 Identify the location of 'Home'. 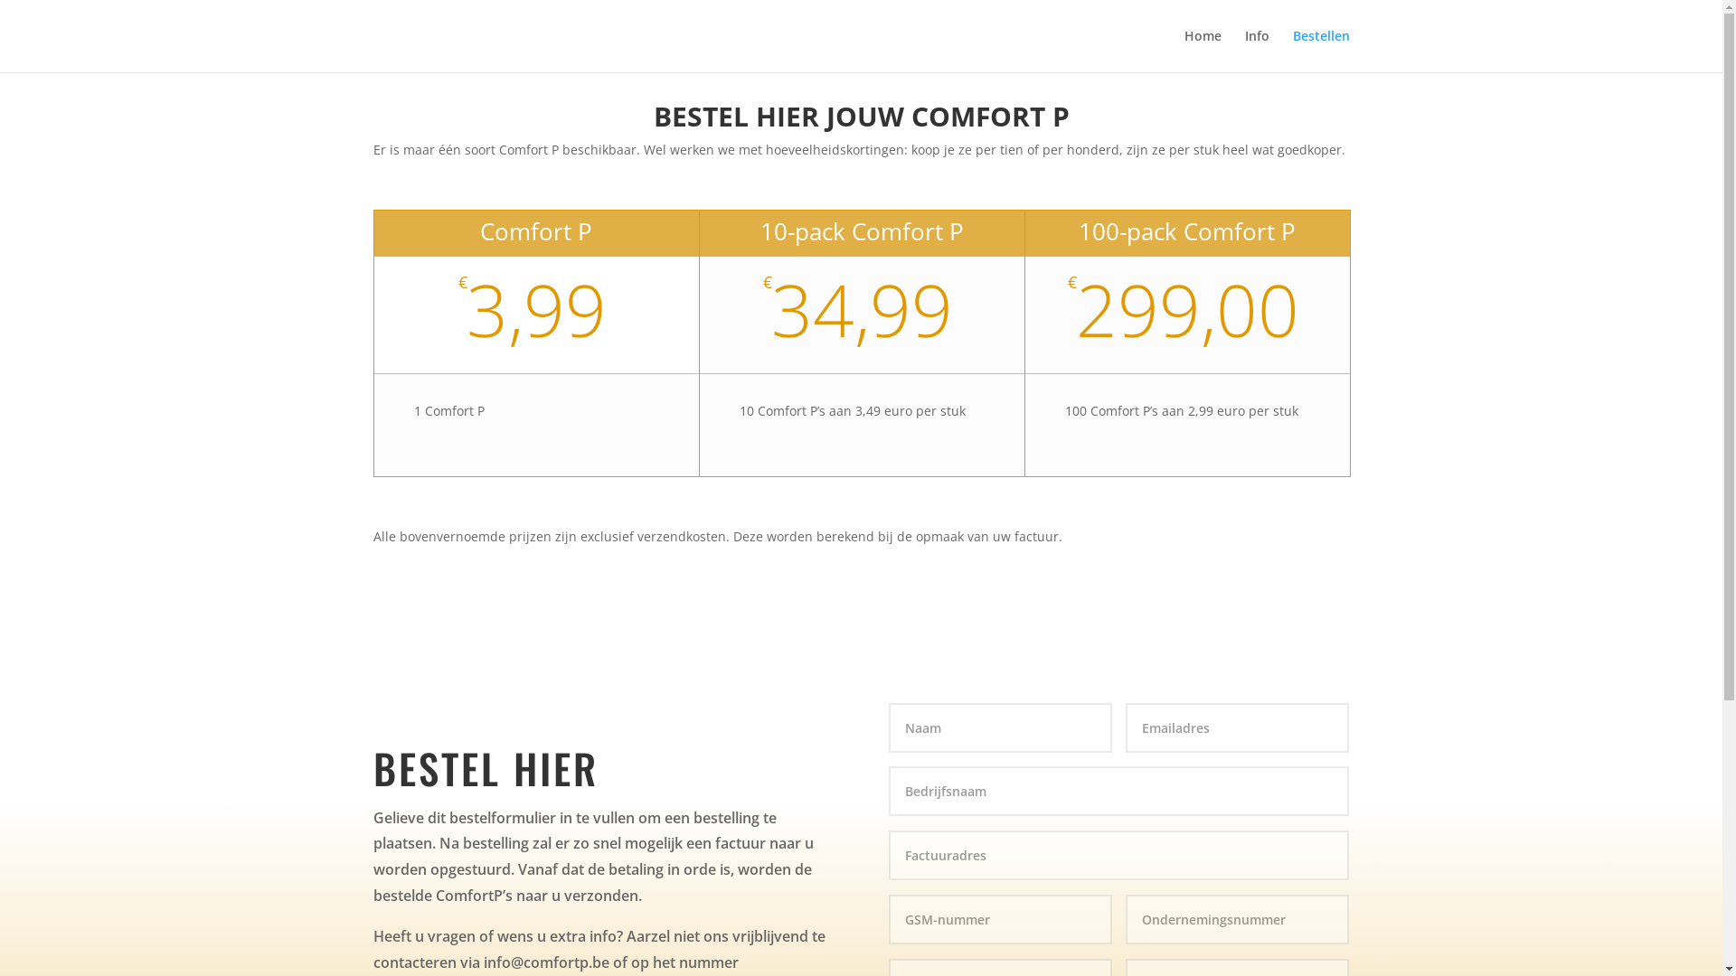
(1203, 50).